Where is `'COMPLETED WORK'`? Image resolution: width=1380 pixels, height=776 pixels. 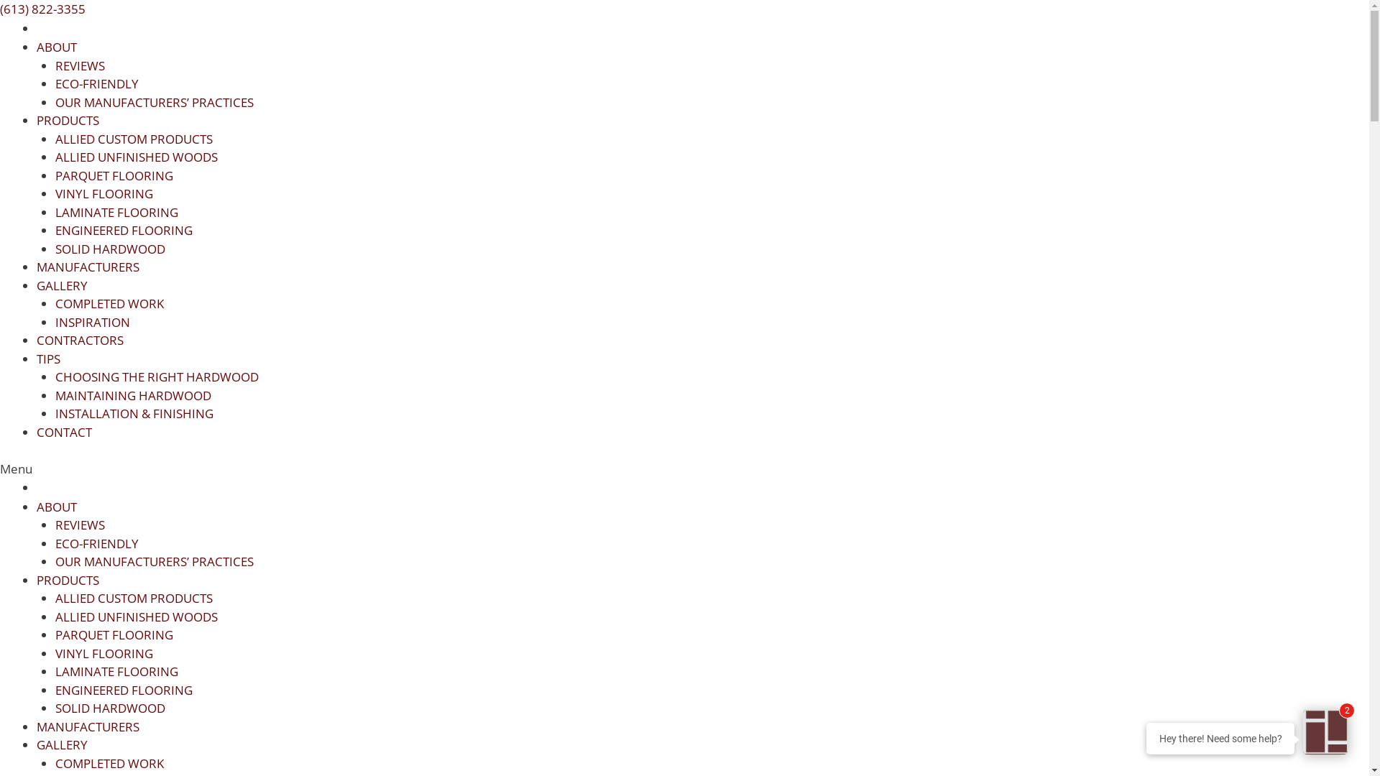 'COMPLETED WORK' is located at coordinates (108, 302).